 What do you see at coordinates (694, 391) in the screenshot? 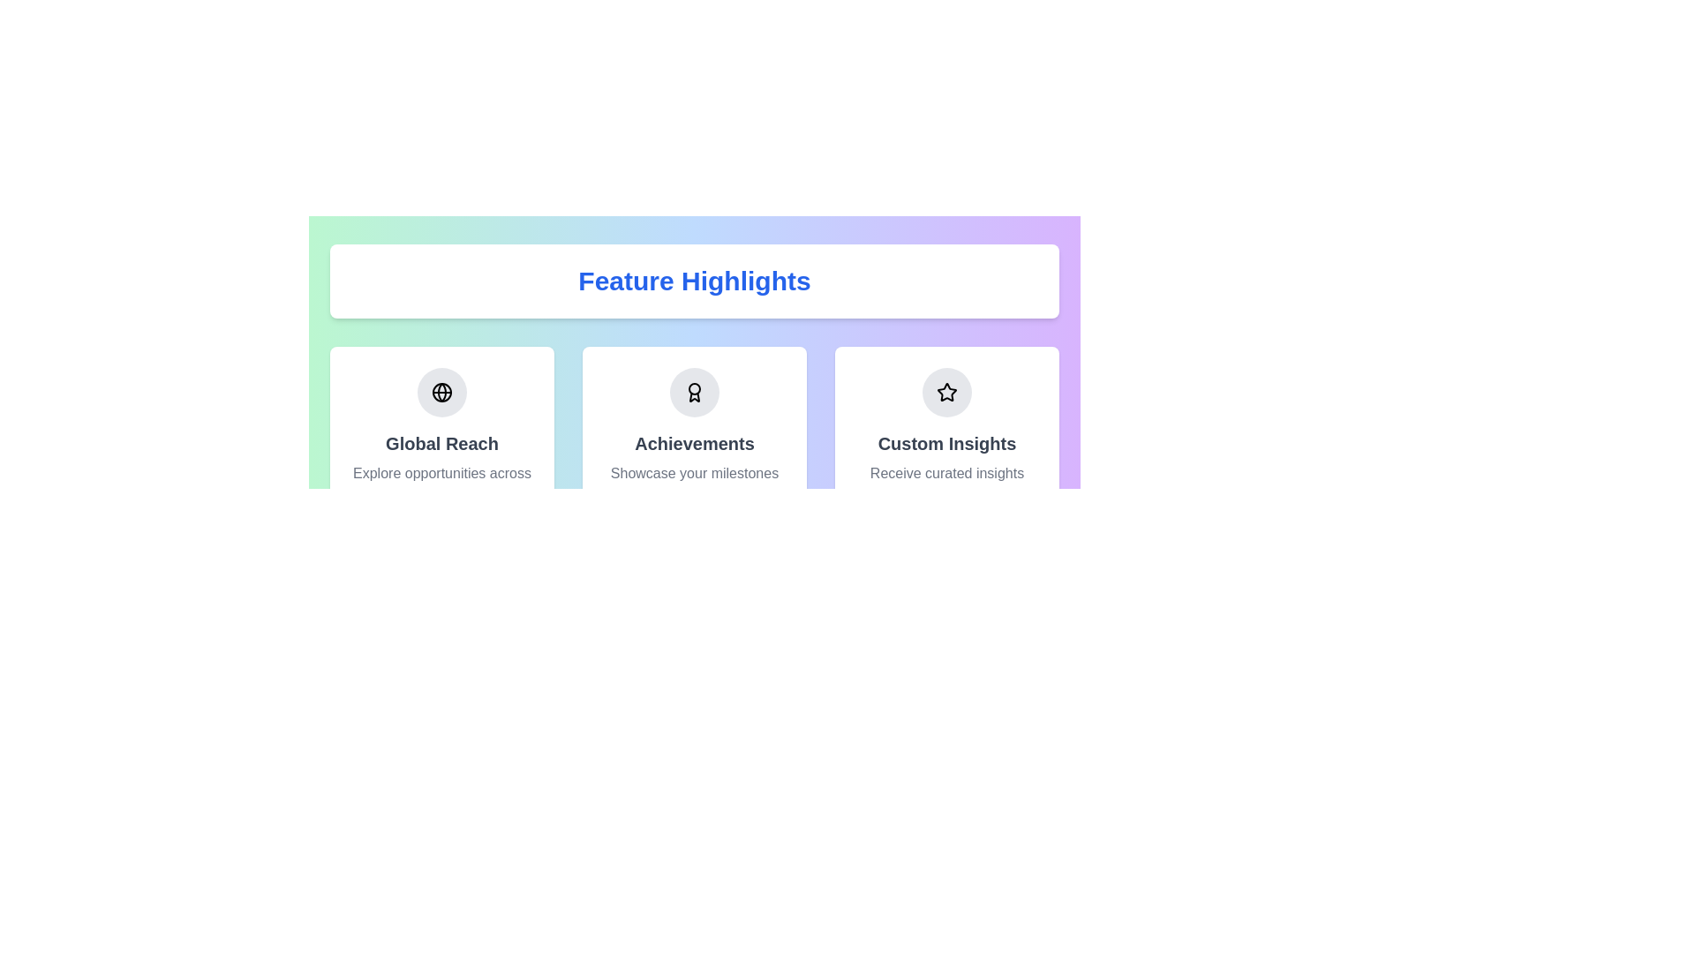
I see `the achievements icon, which is centrally placed within the second feature card of the 'Achievements' section, symbolizing milestones or rewards` at bounding box center [694, 391].